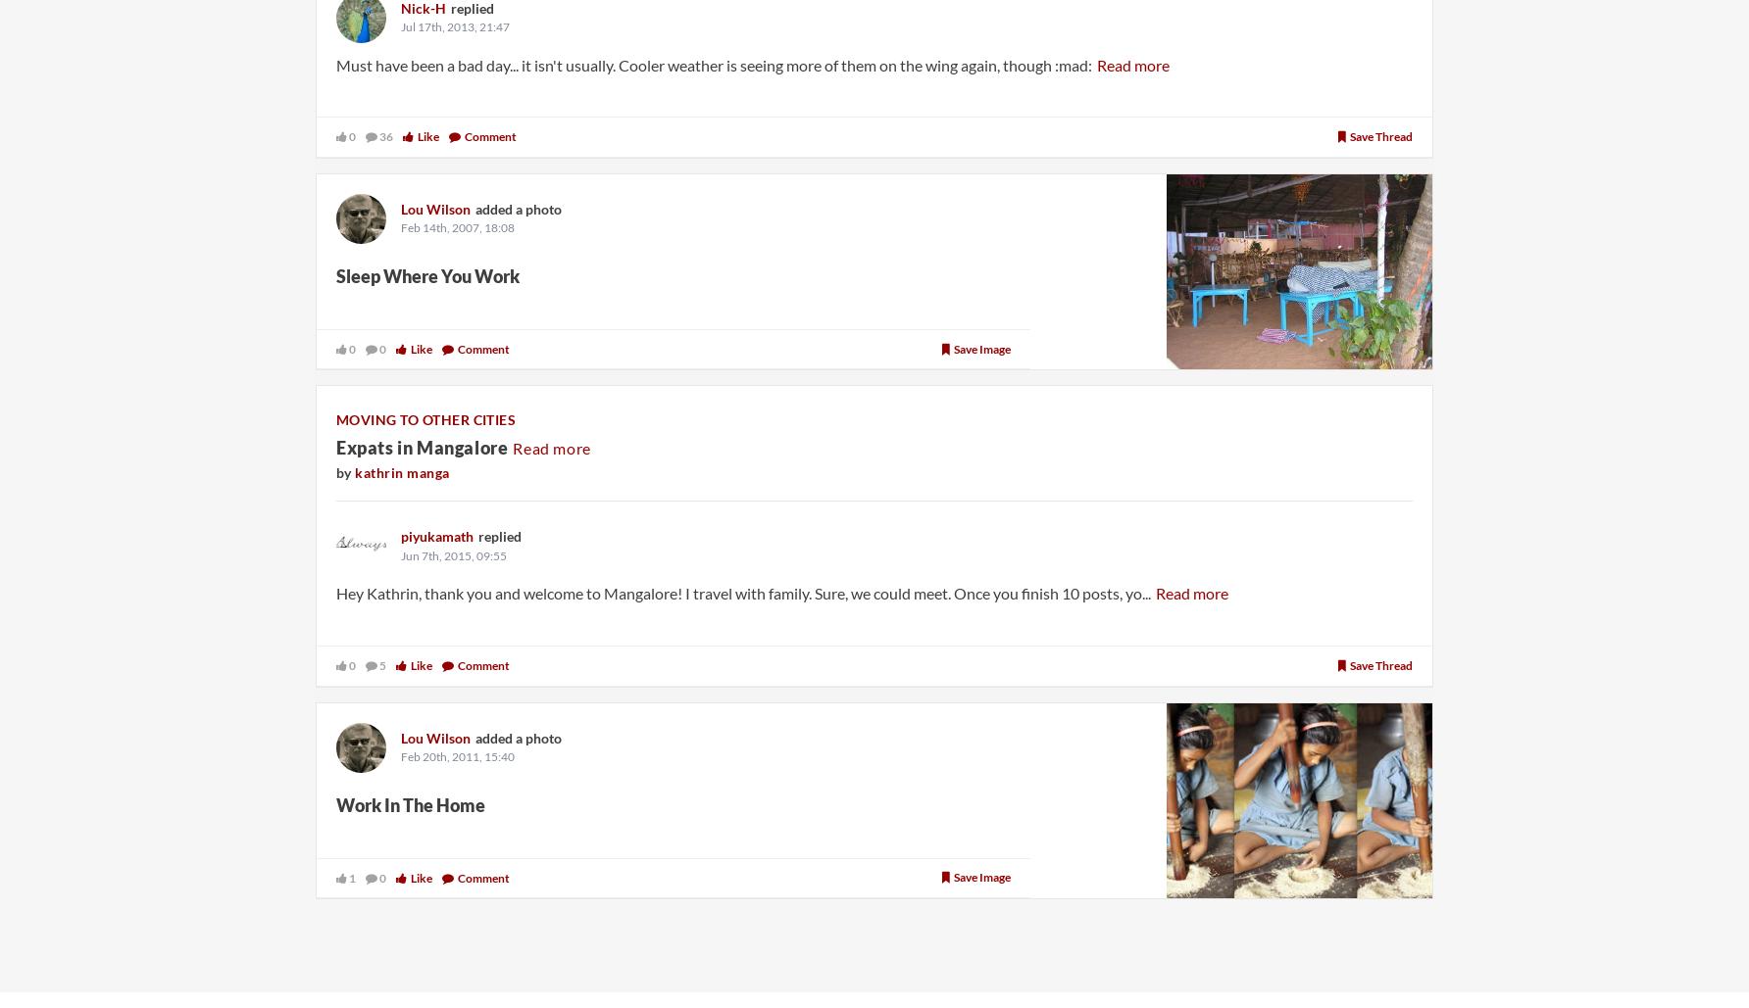 The height and width of the screenshot is (1008, 1749). What do you see at coordinates (400, 535) in the screenshot?
I see `'piyukamath'` at bounding box center [400, 535].